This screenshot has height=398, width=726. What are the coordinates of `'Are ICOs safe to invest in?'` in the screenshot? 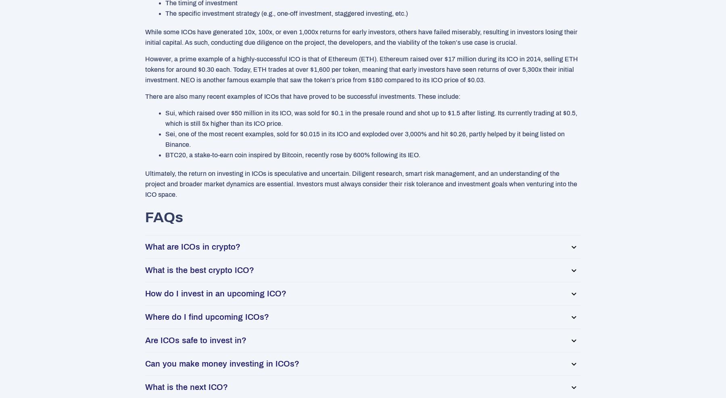 It's located at (195, 340).